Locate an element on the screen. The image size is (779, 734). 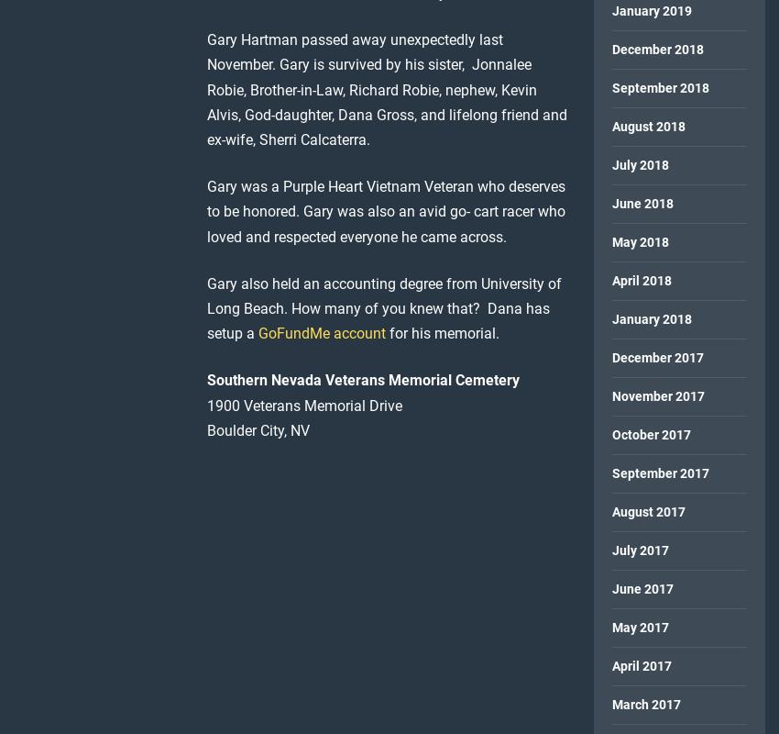
'October 2017' is located at coordinates (610, 434).